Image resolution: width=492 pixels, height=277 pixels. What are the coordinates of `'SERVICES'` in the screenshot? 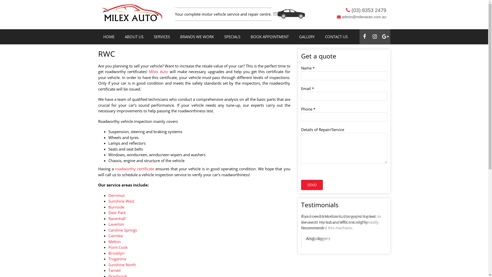 It's located at (161, 36).